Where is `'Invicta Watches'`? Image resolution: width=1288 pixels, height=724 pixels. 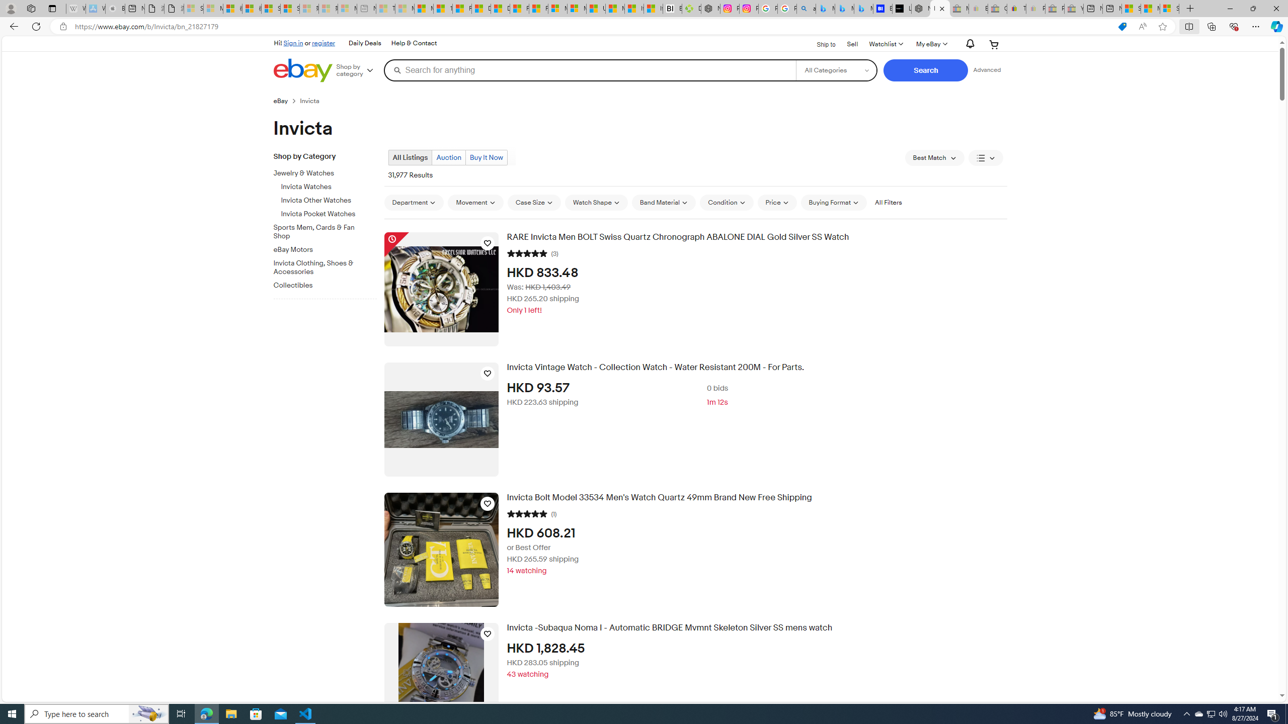
'Invicta Watches' is located at coordinates (329, 185).